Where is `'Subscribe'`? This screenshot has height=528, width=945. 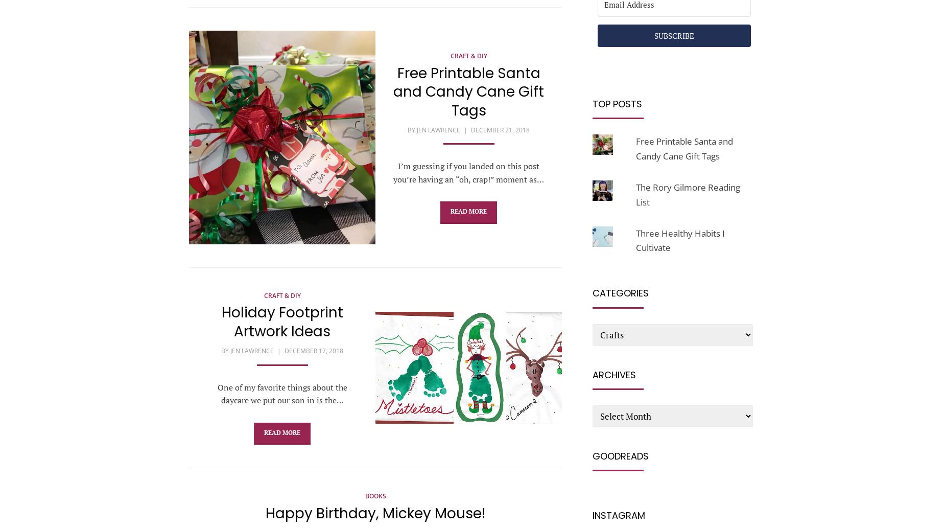 'Subscribe' is located at coordinates (673, 35).